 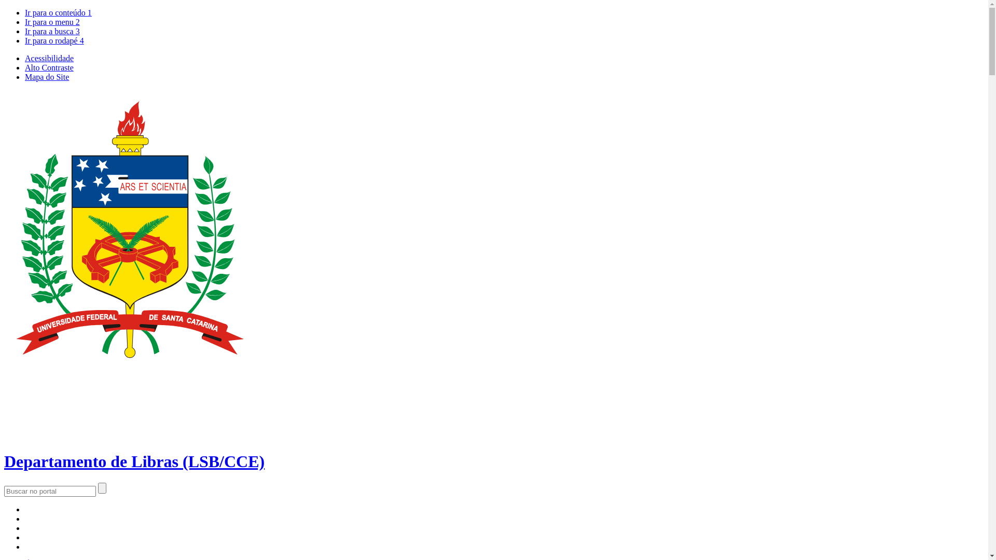 I want to click on 'Acessibilidade', so click(x=25, y=58).